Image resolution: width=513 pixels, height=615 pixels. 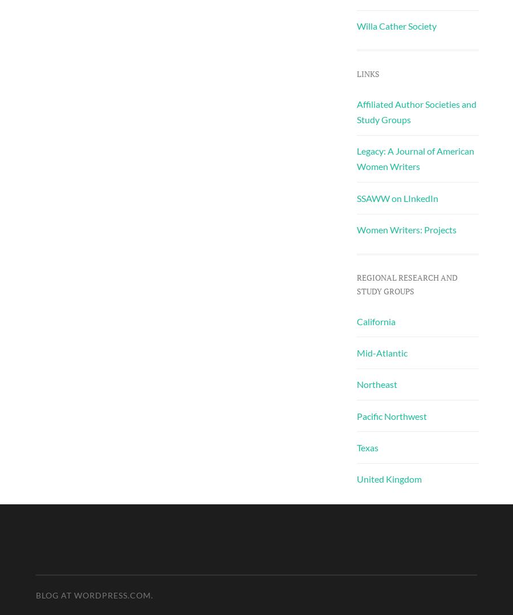 I want to click on 'Women Writers: Projects', so click(x=405, y=229).